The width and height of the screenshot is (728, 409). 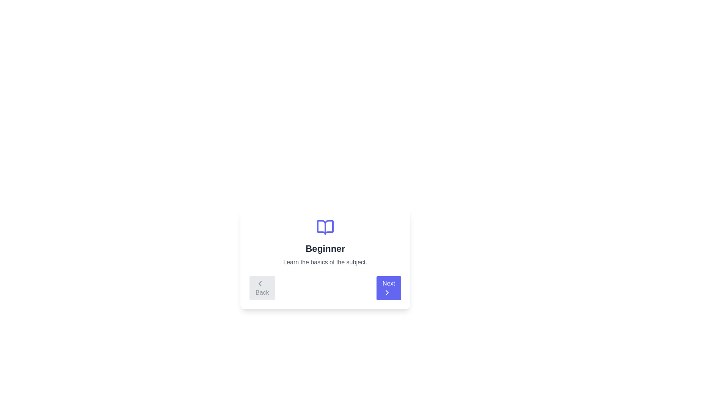 I want to click on 'Next' button to navigate to the next step, so click(x=389, y=288).